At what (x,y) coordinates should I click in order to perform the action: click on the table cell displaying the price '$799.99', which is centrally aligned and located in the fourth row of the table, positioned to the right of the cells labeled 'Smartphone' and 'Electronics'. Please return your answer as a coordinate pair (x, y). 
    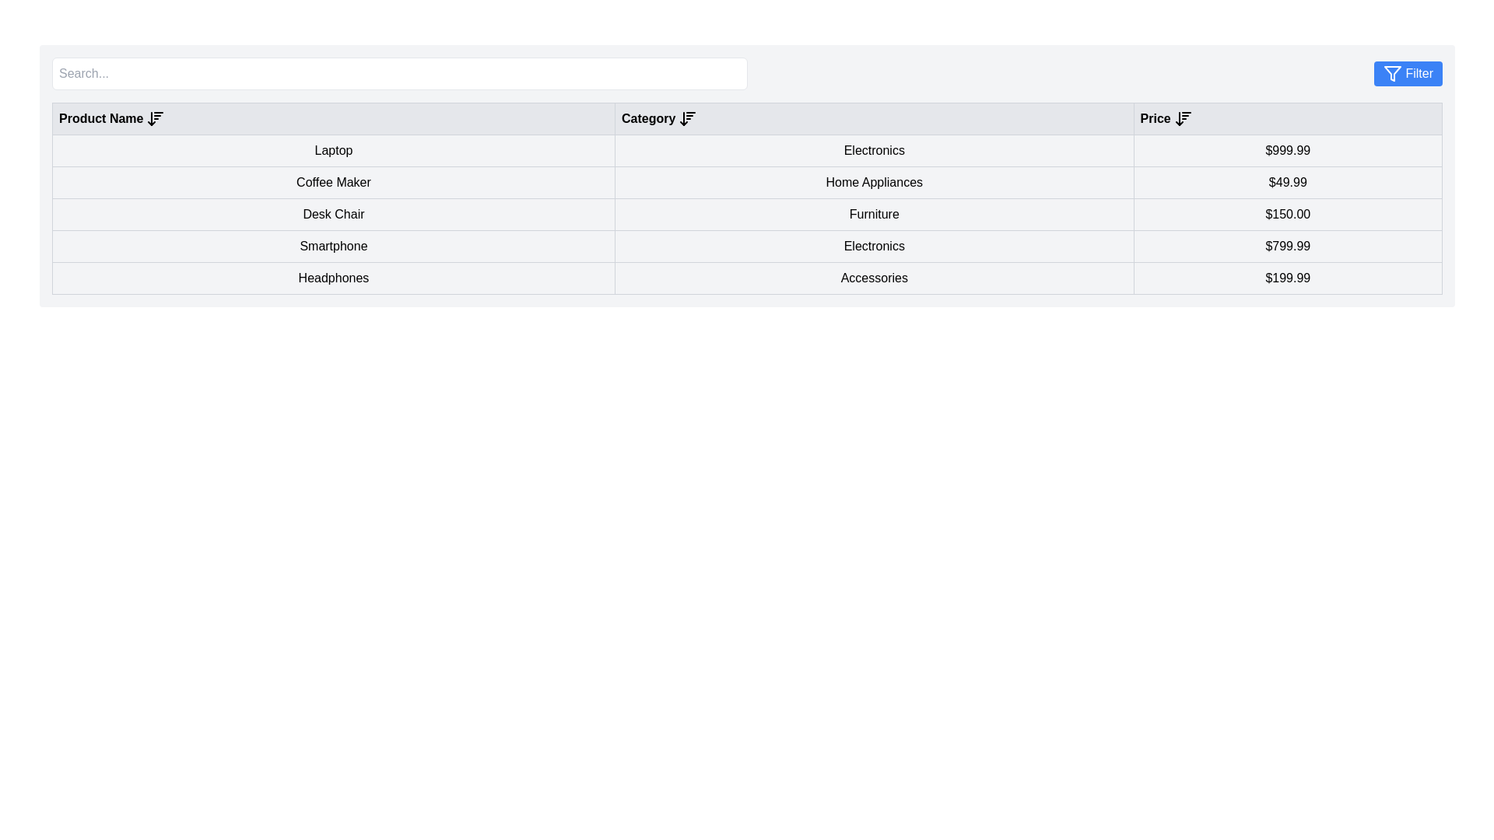
    Looking at the image, I should click on (1288, 245).